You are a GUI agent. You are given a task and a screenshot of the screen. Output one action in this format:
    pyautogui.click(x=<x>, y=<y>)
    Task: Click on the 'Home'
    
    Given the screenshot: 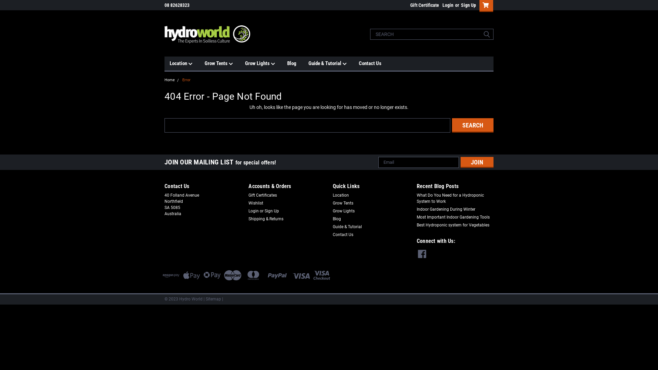 What is the action you would take?
    pyautogui.click(x=169, y=79)
    